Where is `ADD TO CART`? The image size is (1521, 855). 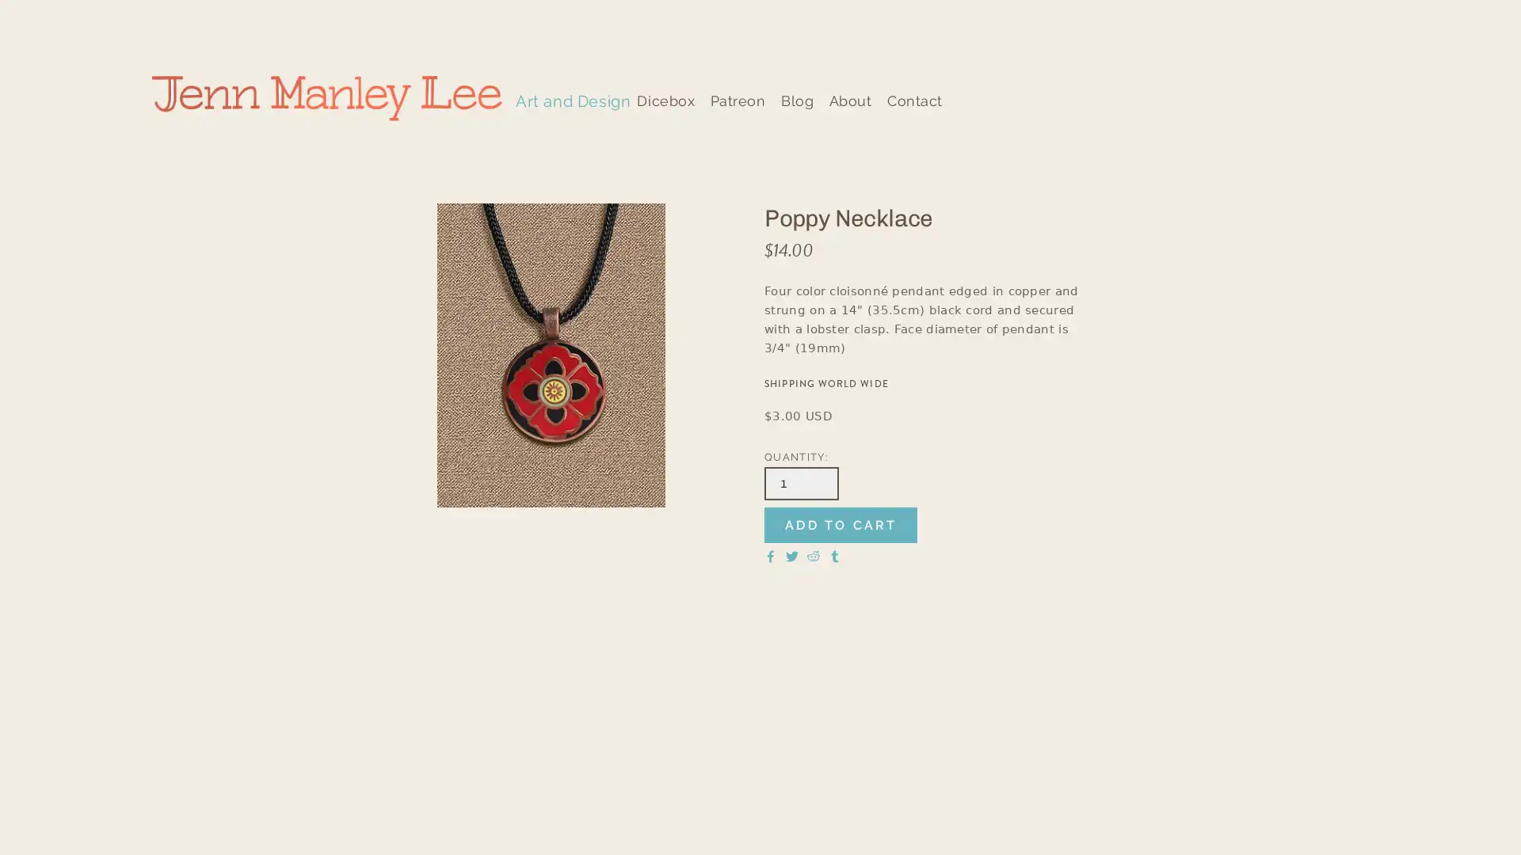 ADD TO CART is located at coordinates (840, 525).